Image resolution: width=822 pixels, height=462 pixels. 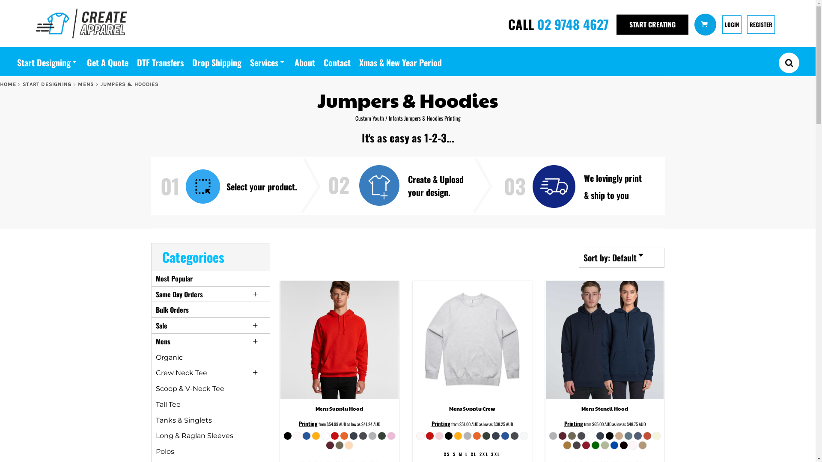 What do you see at coordinates (761, 24) in the screenshot?
I see `'REGISTER'` at bounding box center [761, 24].